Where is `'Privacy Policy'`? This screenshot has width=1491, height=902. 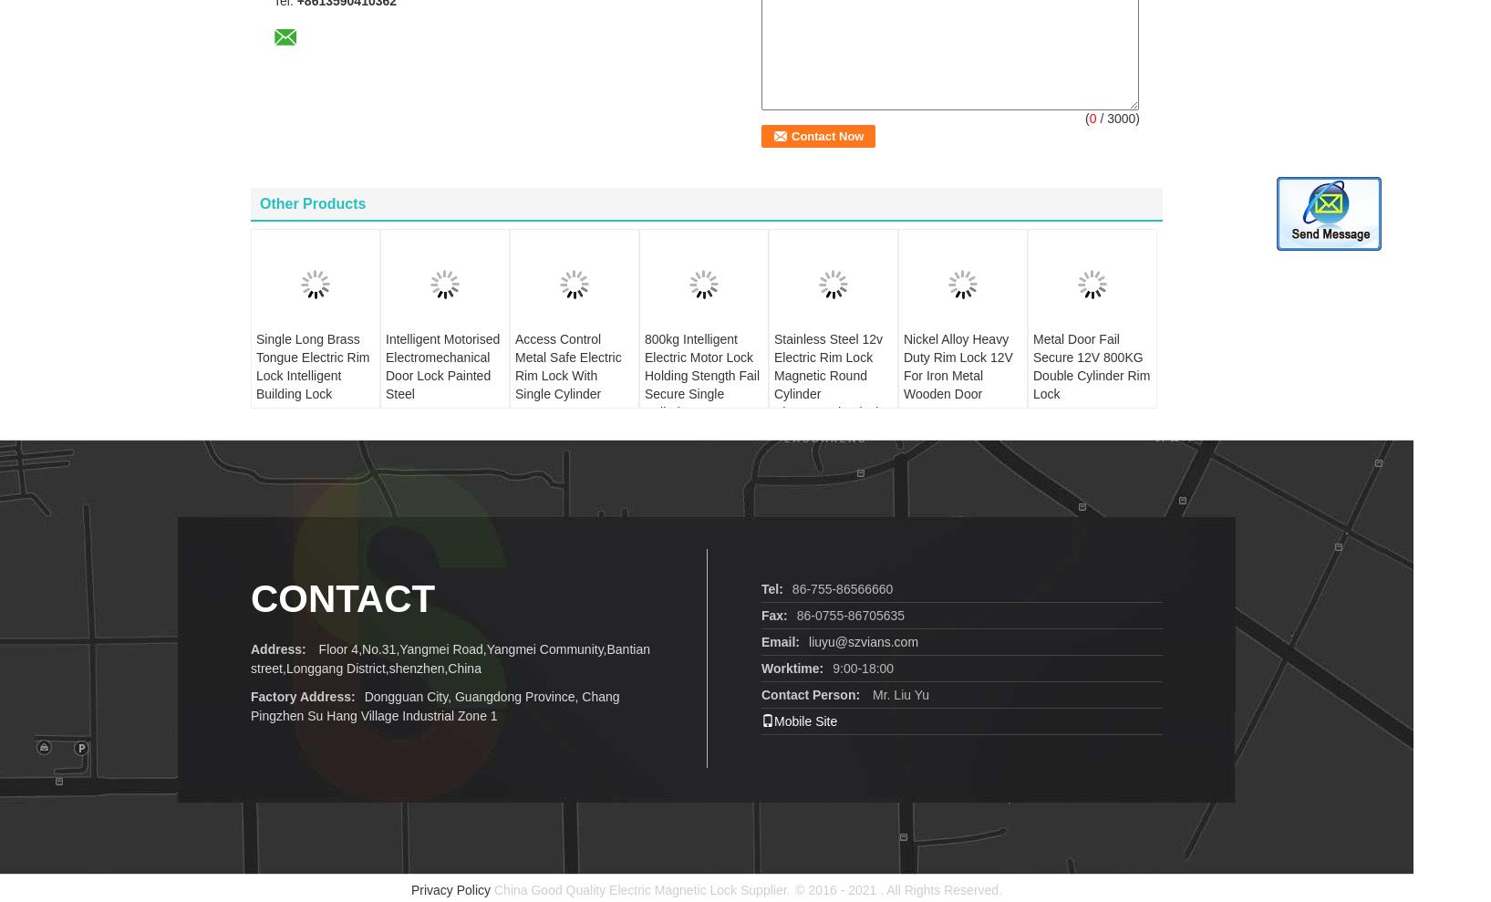 'Privacy Policy' is located at coordinates (449, 861).